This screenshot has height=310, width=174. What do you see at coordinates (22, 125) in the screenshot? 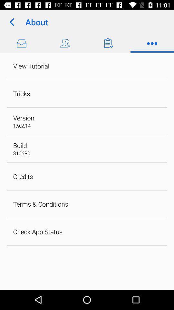
I see `app above build app` at bounding box center [22, 125].